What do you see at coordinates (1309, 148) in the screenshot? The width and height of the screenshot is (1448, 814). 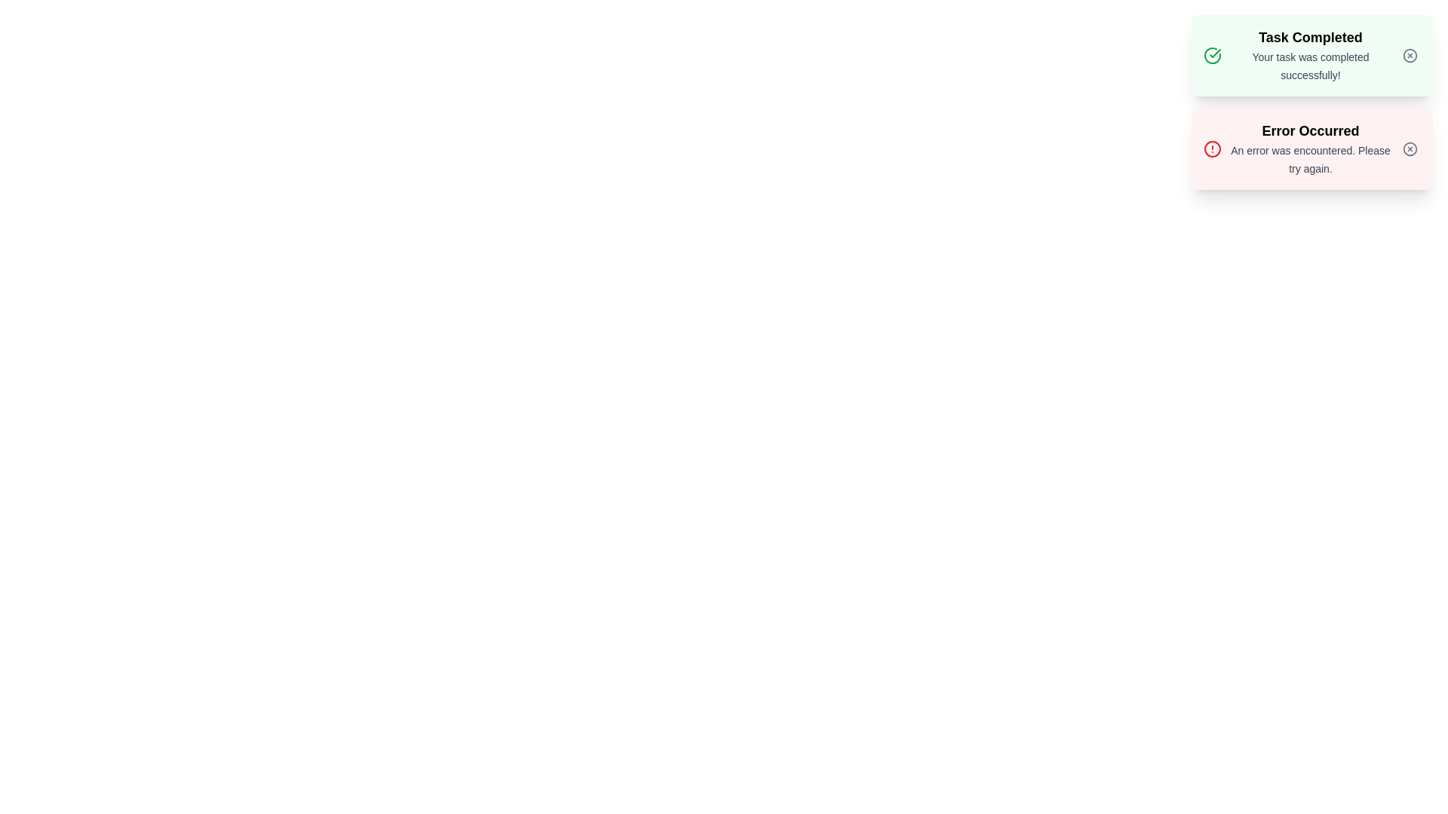 I see `the message displayed in the Text display component that shows the title 'Error Occurred' and the message 'An error was encountered. Please try again.'` at bounding box center [1309, 148].